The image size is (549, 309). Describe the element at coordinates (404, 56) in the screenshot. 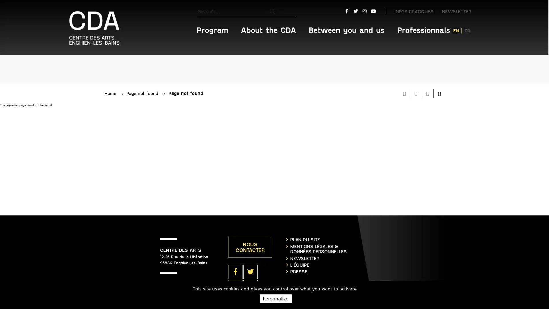

I see `Print this page` at that location.